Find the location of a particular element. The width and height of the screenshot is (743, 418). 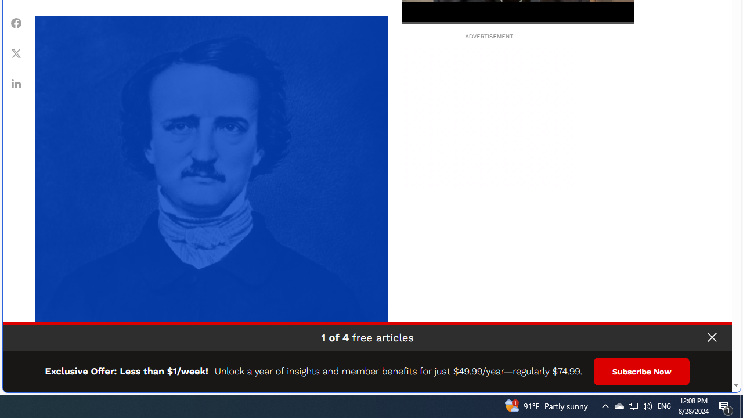

'Class: close-button unbutton' is located at coordinates (711, 337).